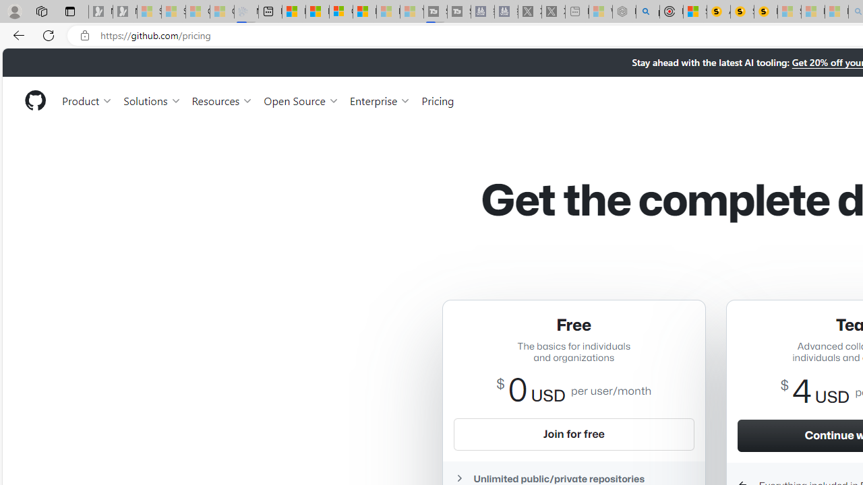  I want to click on 'Solutions', so click(152, 100).